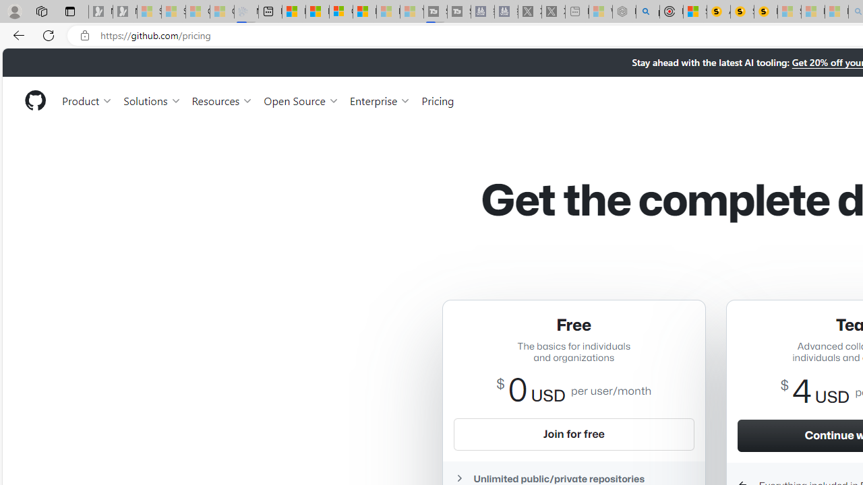  I want to click on 'Solutions', so click(152, 100).